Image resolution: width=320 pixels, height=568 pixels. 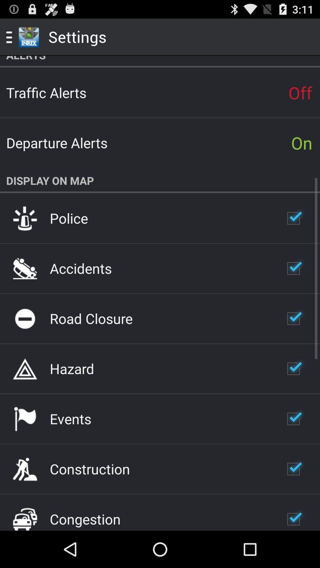 What do you see at coordinates (46, 92) in the screenshot?
I see `traffic alerts icon` at bounding box center [46, 92].